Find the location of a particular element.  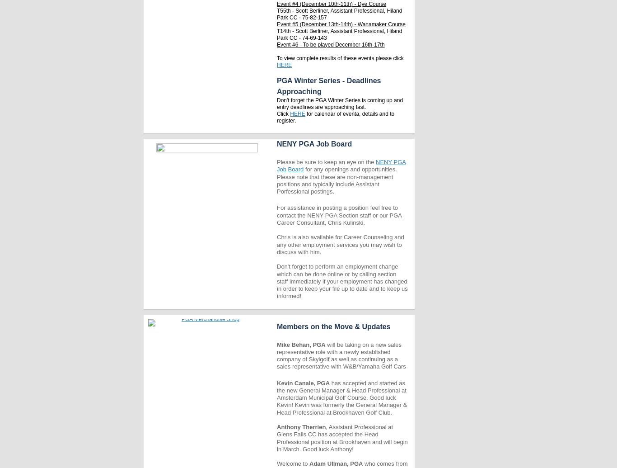

'Please be sure to keep an eye on the' is located at coordinates (276, 162).